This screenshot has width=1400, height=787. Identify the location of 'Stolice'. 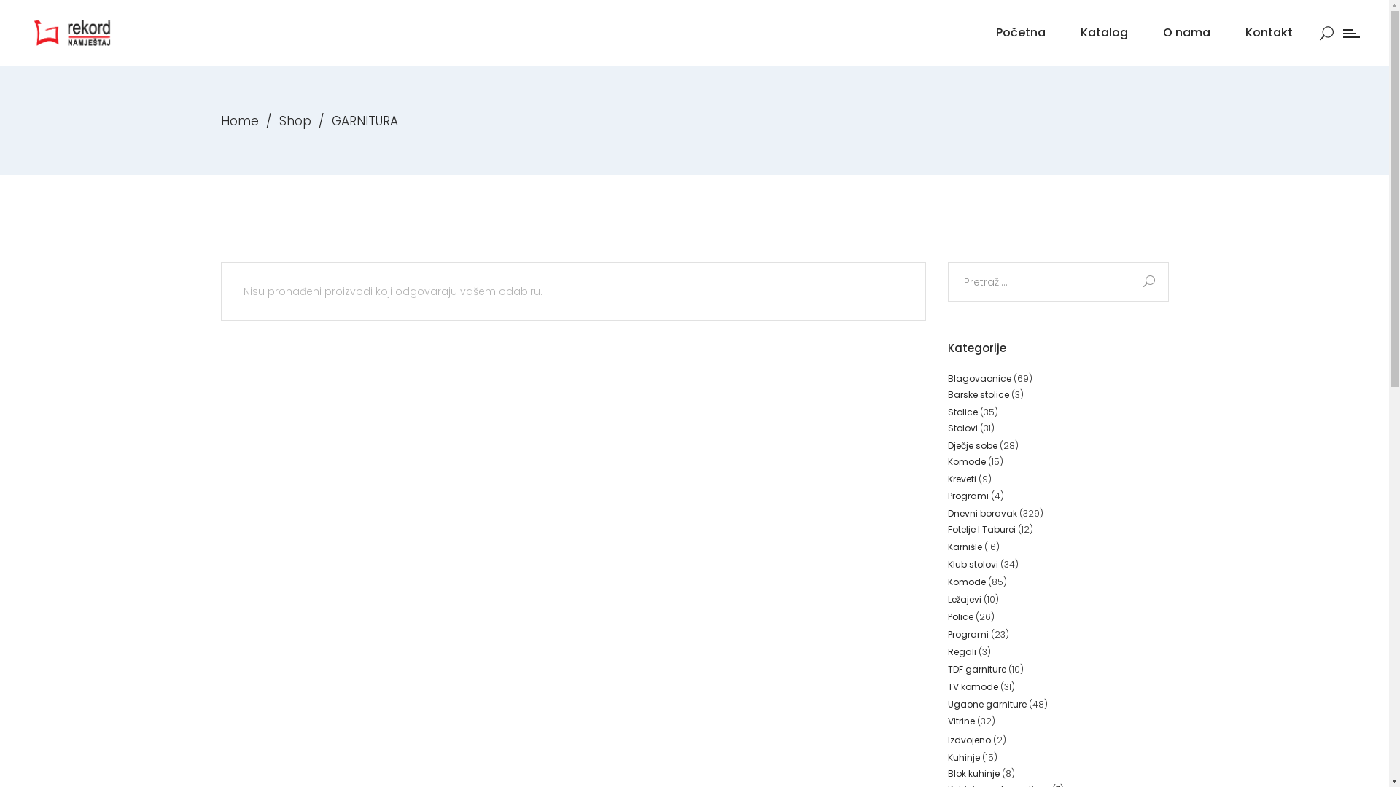
(962, 411).